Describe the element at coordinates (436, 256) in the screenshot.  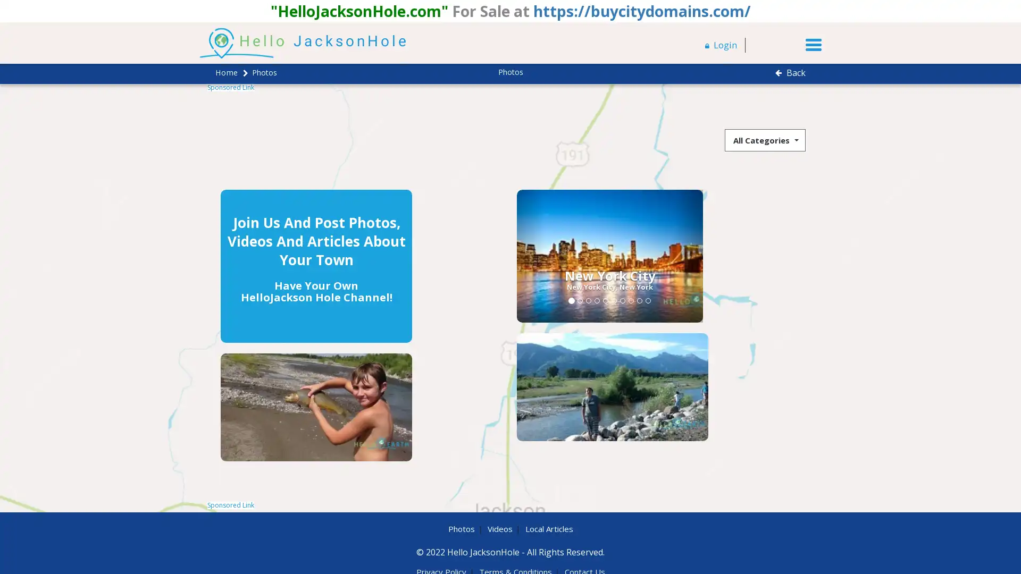
I see `Previous` at that location.